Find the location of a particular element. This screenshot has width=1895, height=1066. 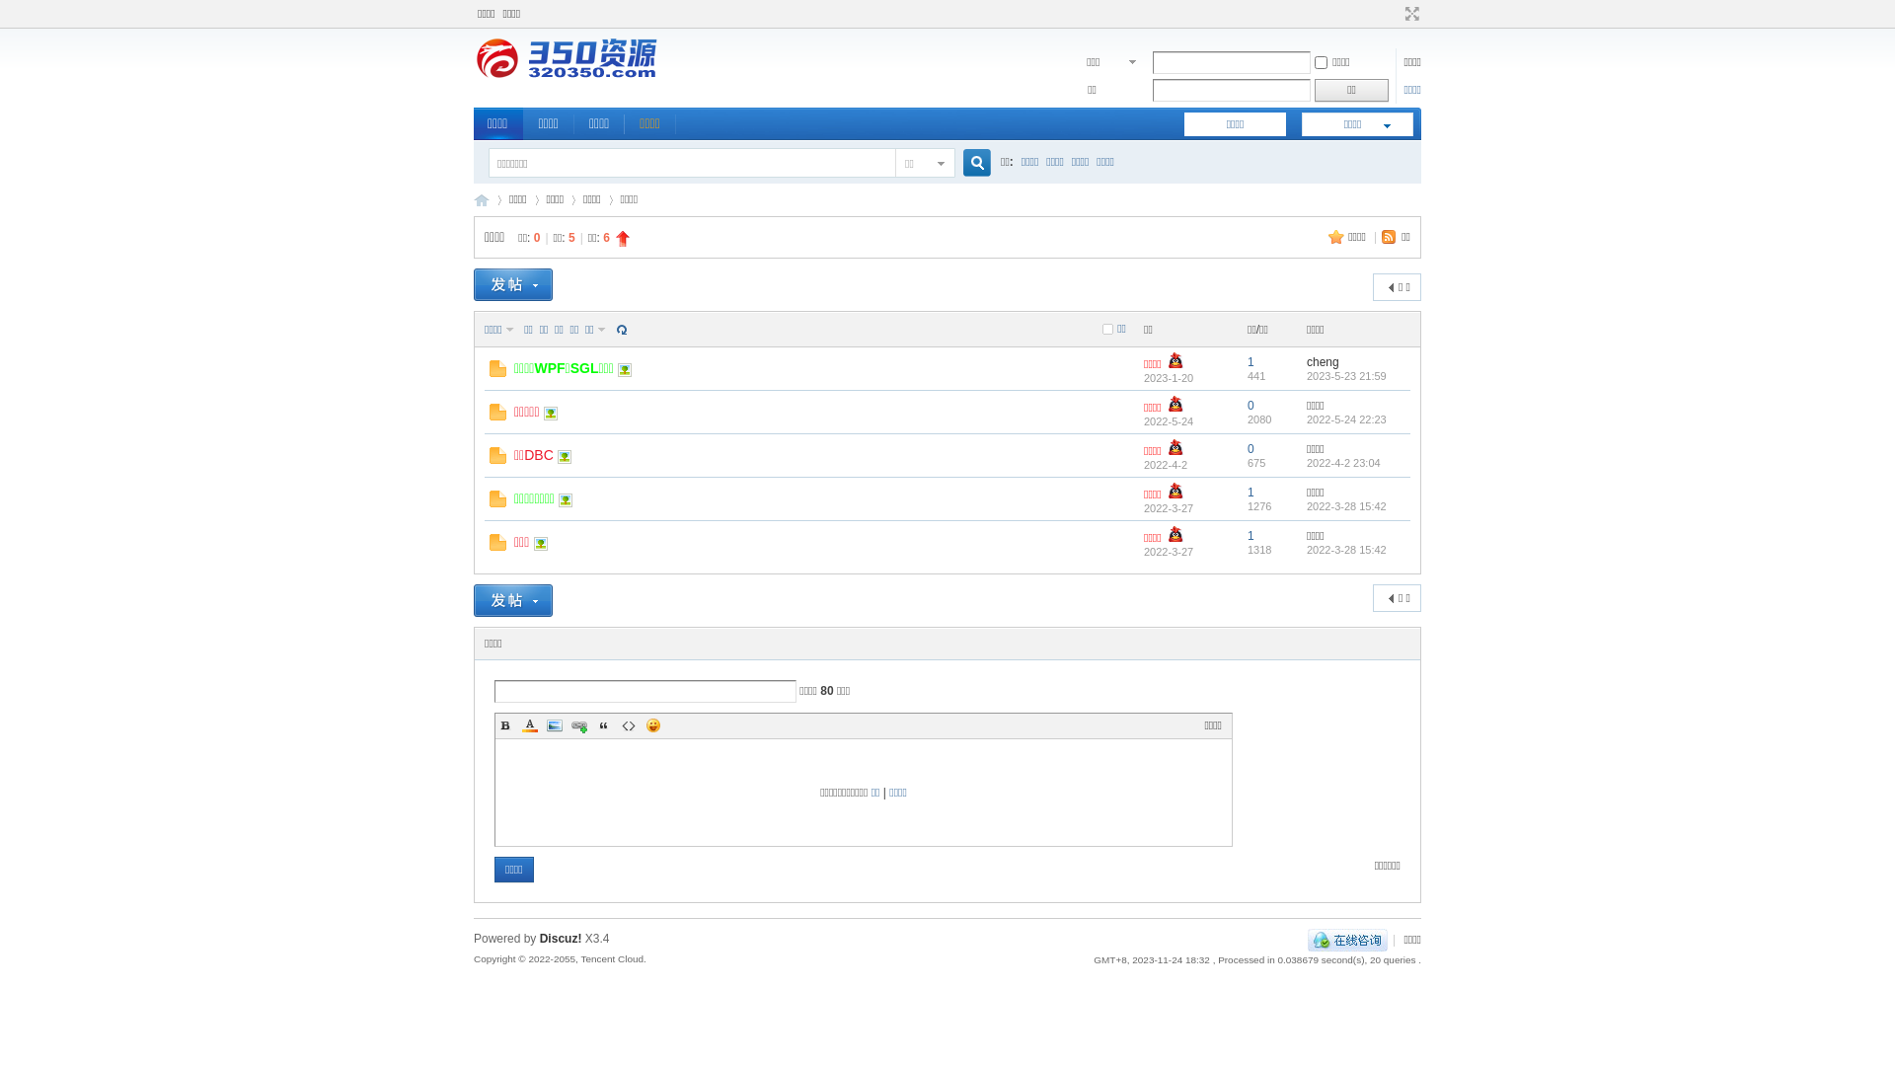

'1' is located at coordinates (1246, 361).